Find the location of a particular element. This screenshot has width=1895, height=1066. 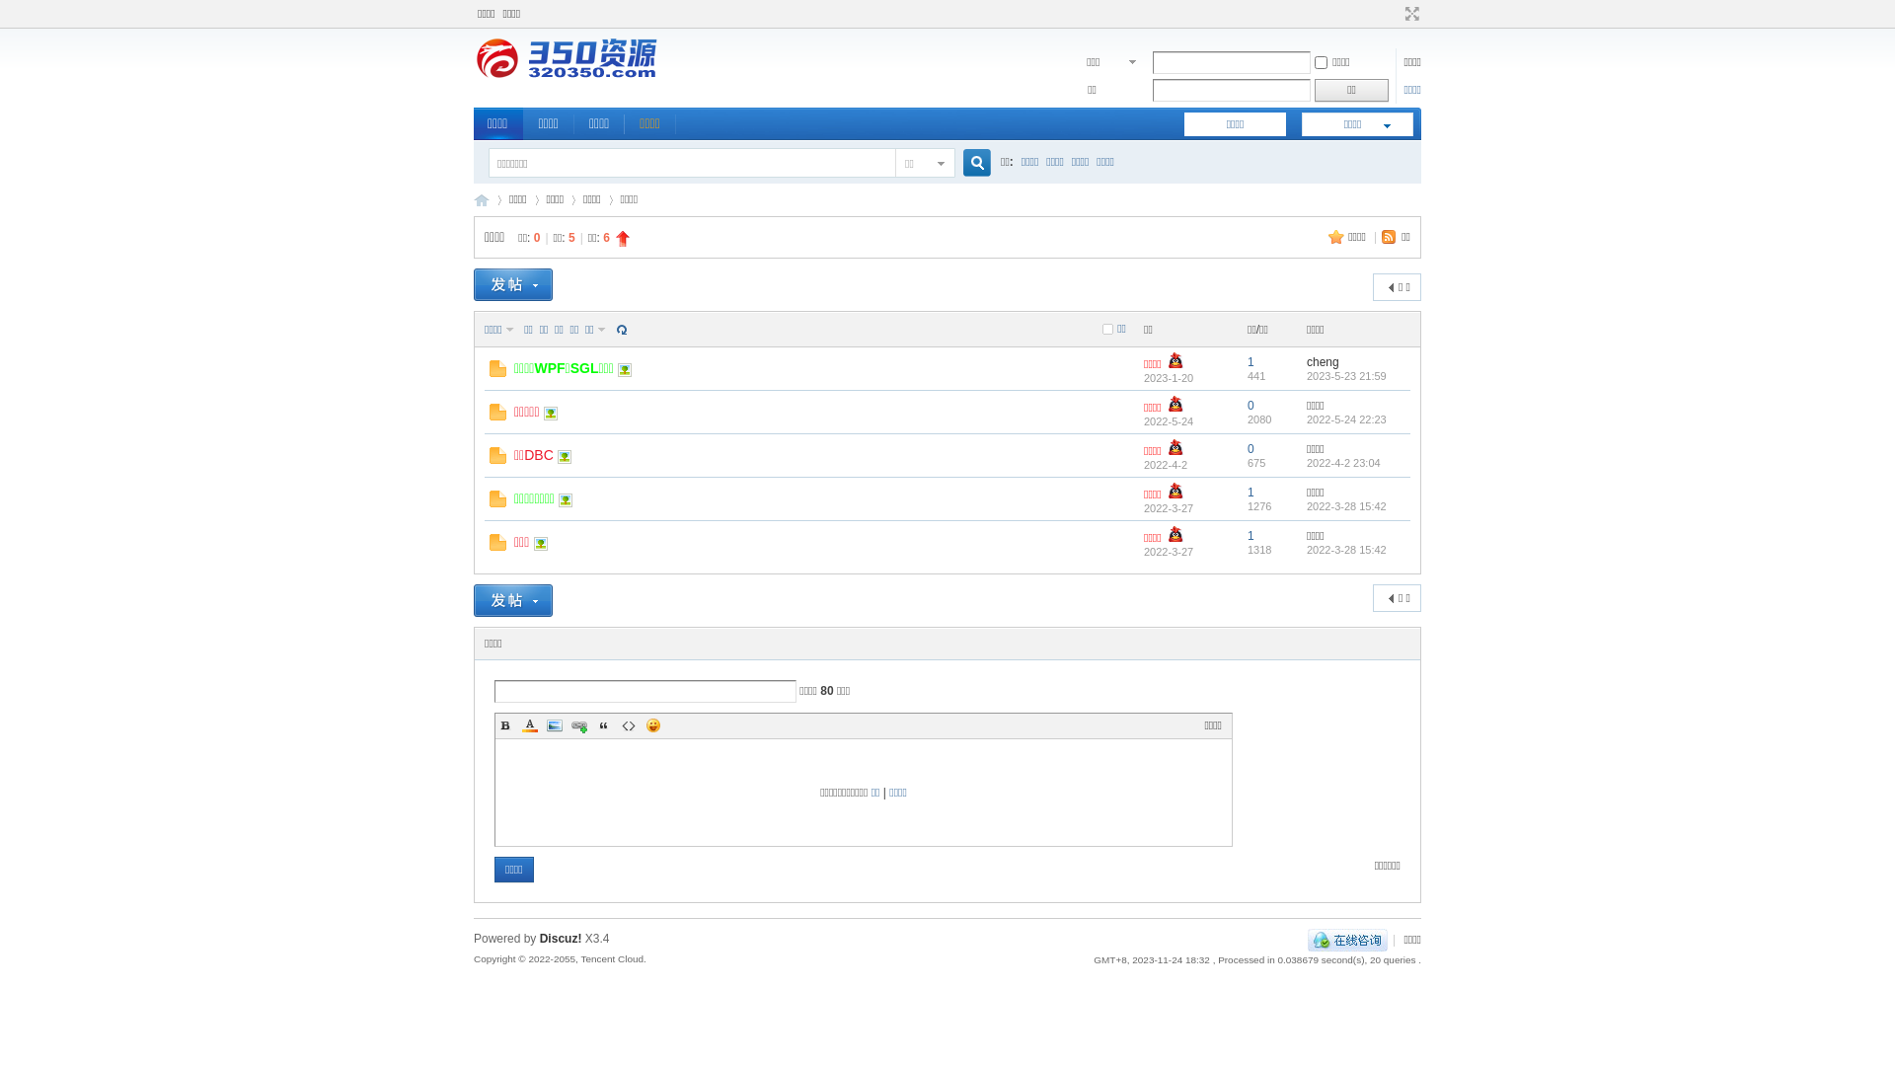

'1' is located at coordinates (1246, 361).